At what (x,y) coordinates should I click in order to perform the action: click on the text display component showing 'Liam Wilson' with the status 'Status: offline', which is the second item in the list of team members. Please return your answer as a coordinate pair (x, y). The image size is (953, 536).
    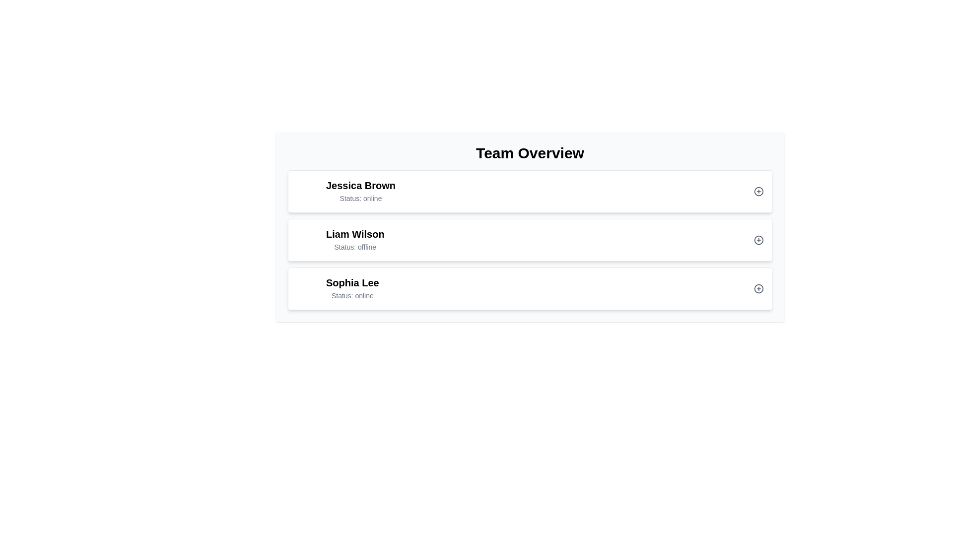
    Looking at the image, I should click on (340, 240).